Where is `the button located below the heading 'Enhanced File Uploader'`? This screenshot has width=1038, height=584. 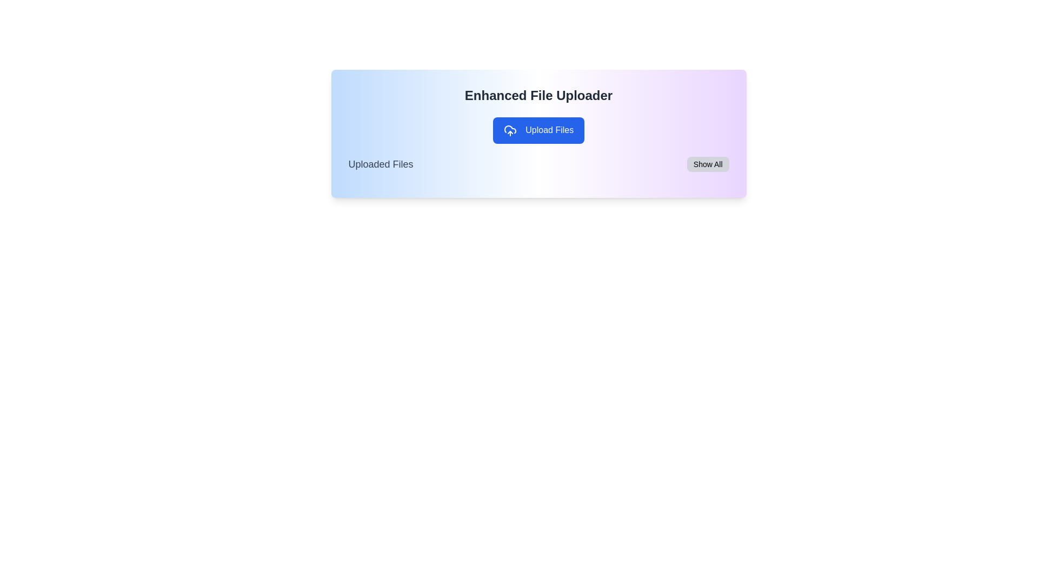 the button located below the heading 'Enhanced File Uploader' is located at coordinates (538, 133).